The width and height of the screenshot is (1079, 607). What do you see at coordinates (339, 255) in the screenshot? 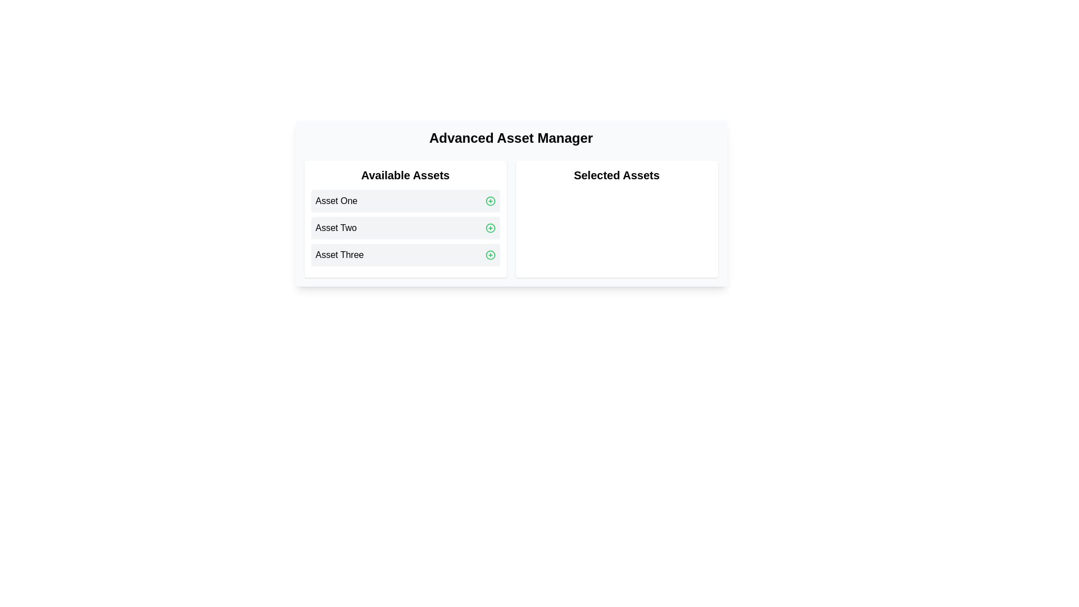
I see `the label 'Asset Three' which serves as an identifier for the available asset in the list under the 'Available Assets' column` at bounding box center [339, 255].